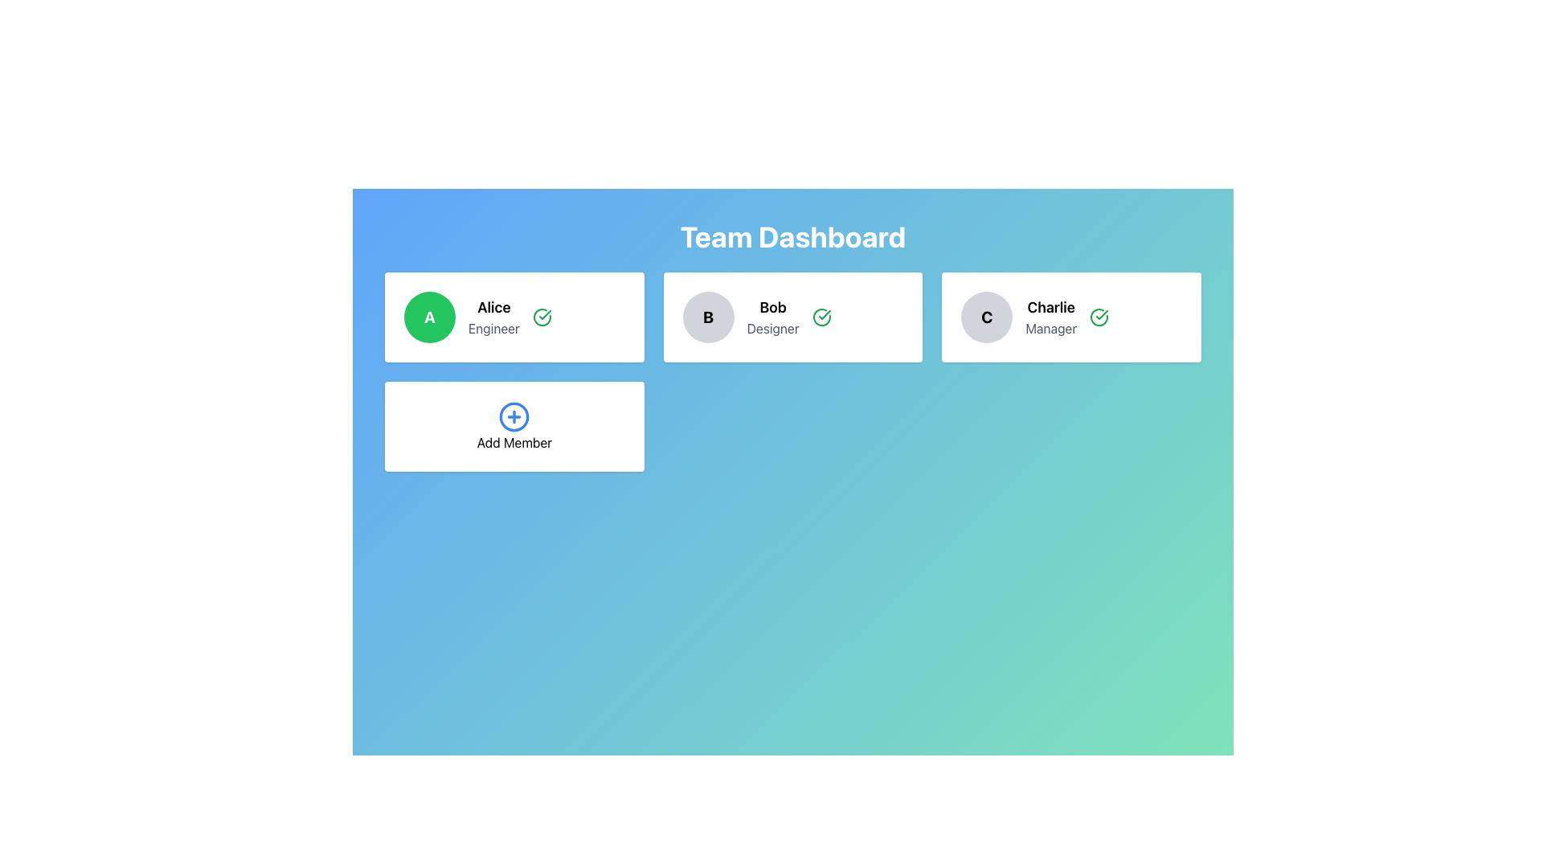 The width and height of the screenshot is (1543, 868). Describe the element at coordinates (493, 317) in the screenshot. I see `information presented in the Text Display showing 'Alice' and 'Engineer', which is located to the right of a green circular avatar and to the left of a green checkmark icon in the top-left section of the interface` at that location.